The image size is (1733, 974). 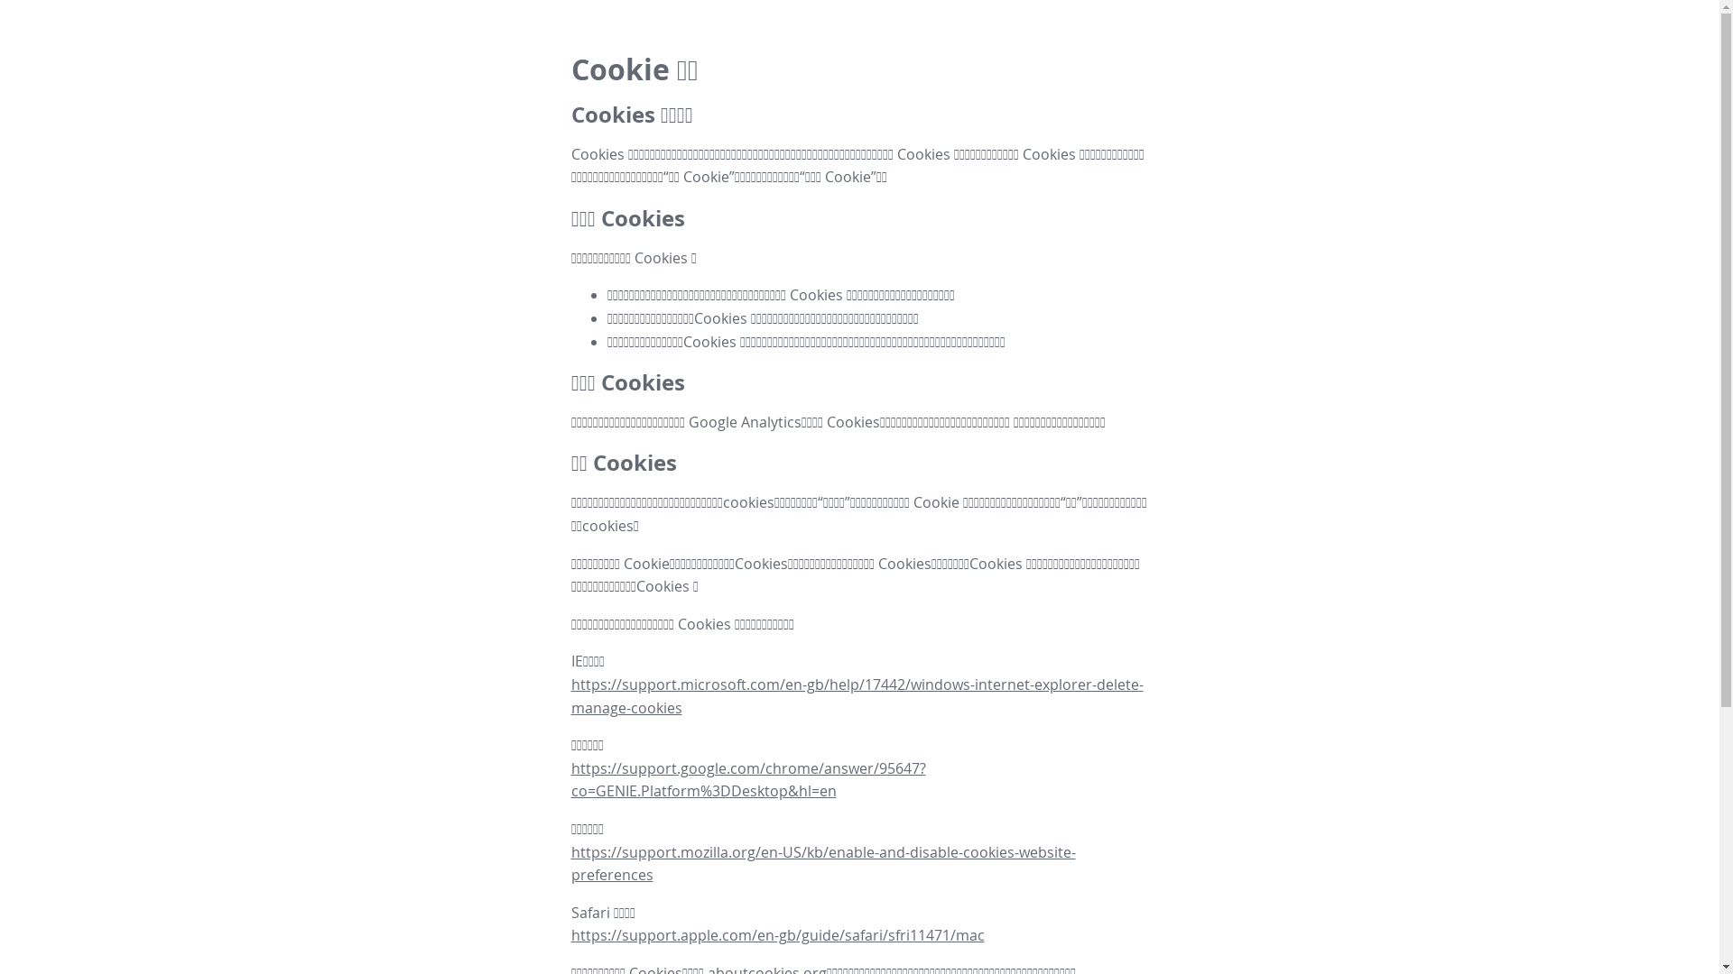 What do you see at coordinates (776, 934) in the screenshot?
I see `'https://support.apple.com/en-gb/guide/safari/sfri11471/mac'` at bounding box center [776, 934].